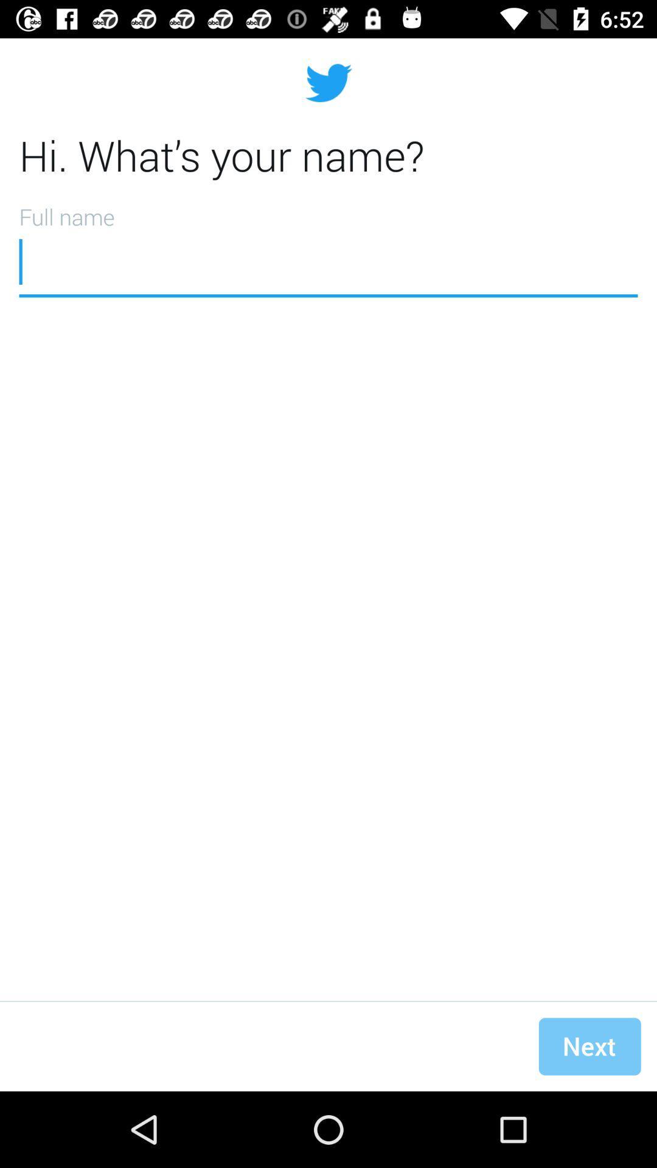 The height and width of the screenshot is (1168, 657). I want to click on item at the bottom right corner, so click(589, 1046).